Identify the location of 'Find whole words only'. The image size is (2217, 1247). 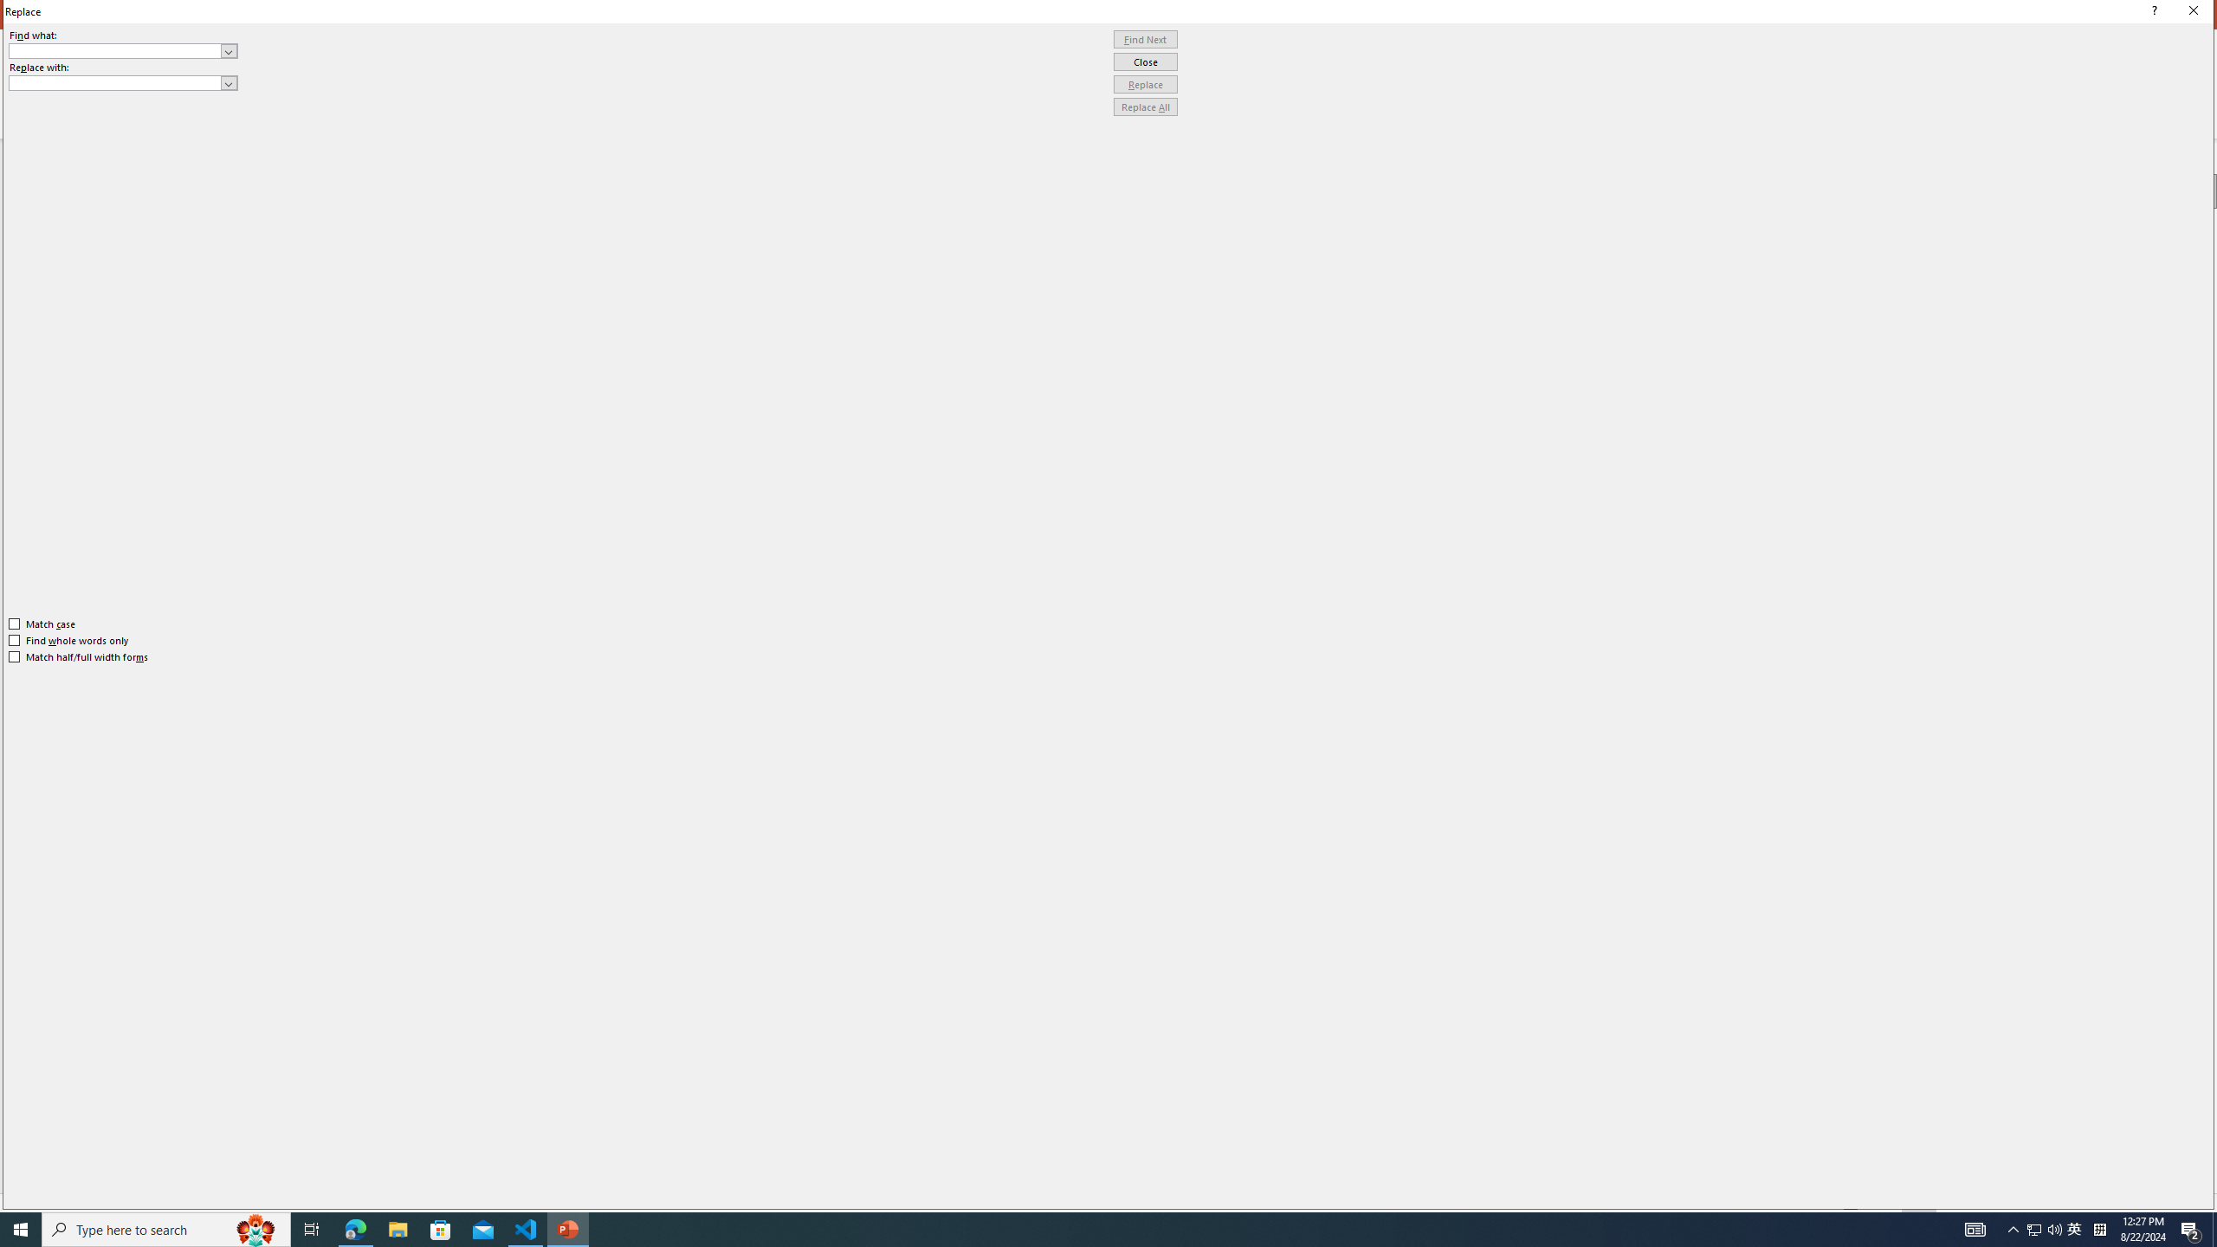
(69, 640).